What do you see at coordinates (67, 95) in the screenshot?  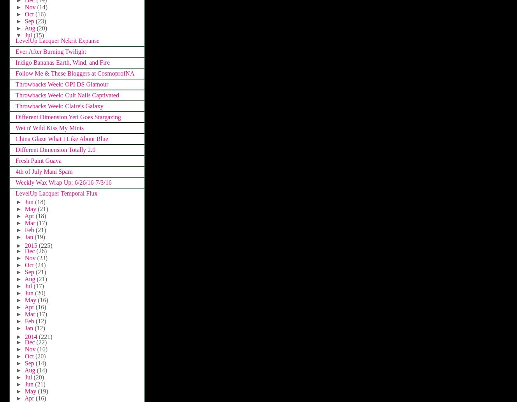 I see `'Throwbacks Week: Cult Nails Captivated'` at bounding box center [67, 95].